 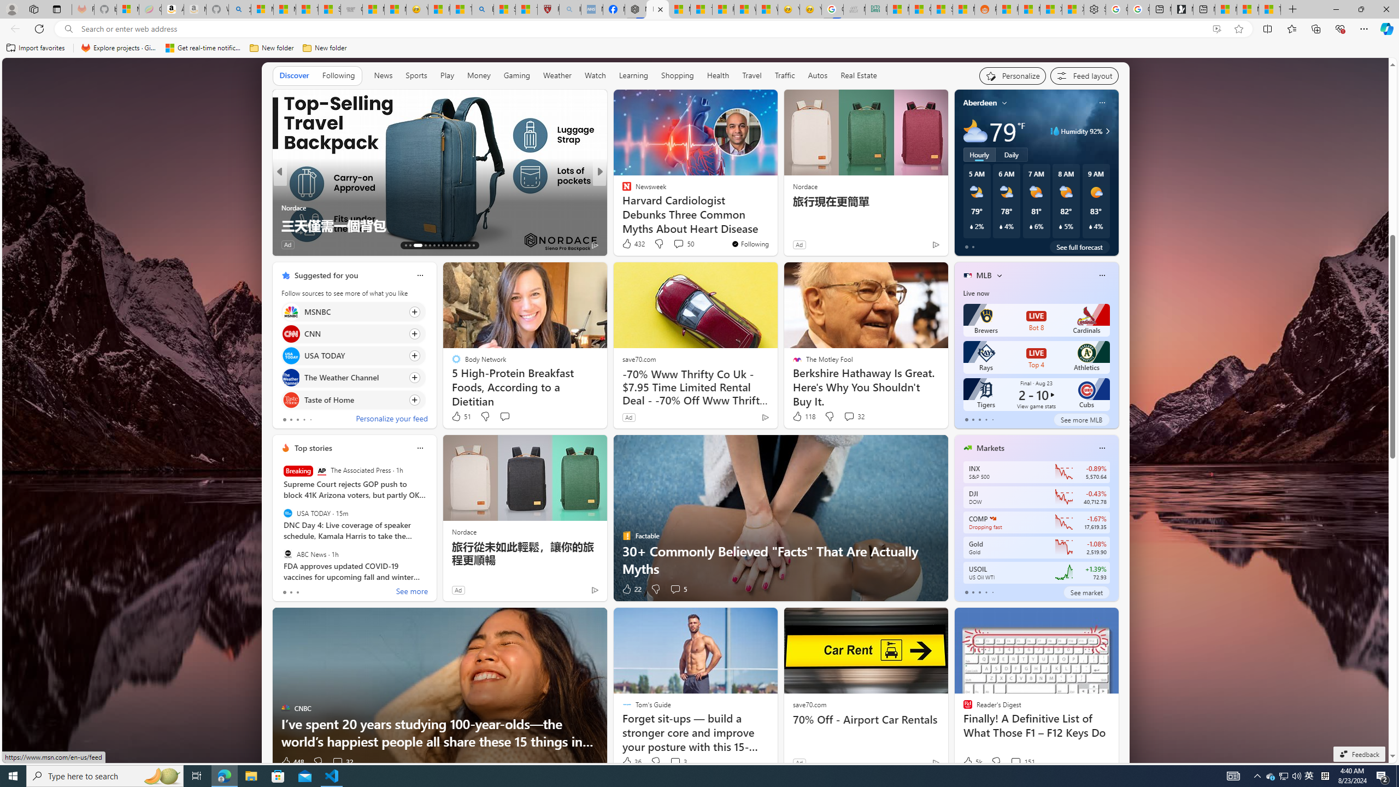 What do you see at coordinates (679, 244) in the screenshot?
I see `'View comments 14 Comment'` at bounding box center [679, 244].